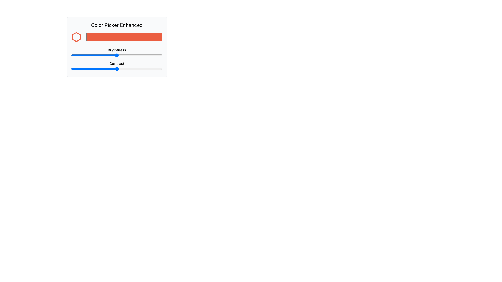  Describe the element at coordinates (104, 55) in the screenshot. I see `brightness` at that location.